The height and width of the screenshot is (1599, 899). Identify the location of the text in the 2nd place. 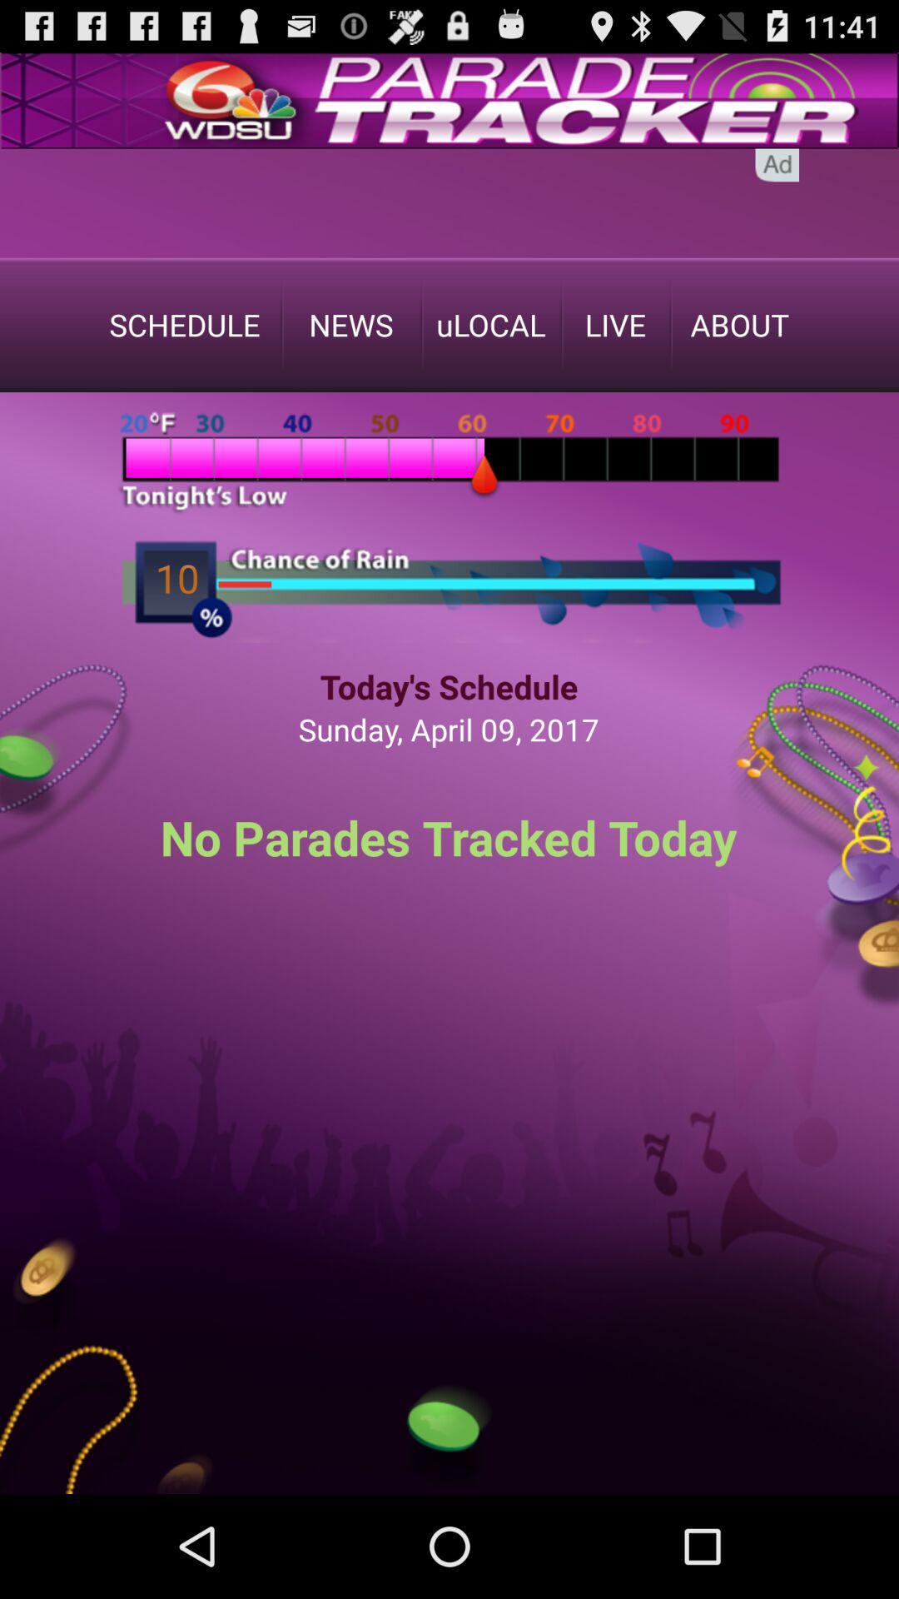
(350, 324).